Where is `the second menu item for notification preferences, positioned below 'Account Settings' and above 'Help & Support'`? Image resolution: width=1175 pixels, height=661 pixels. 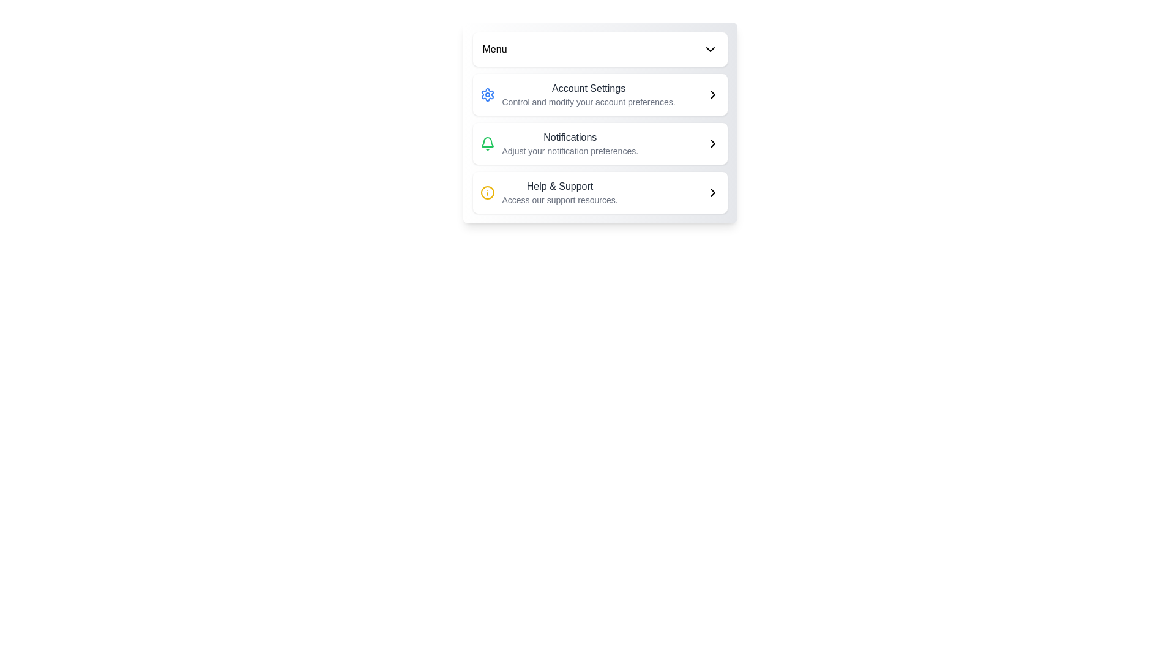 the second menu item for notification preferences, positioned below 'Account Settings' and above 'Help & Support' is located at coordinates (558, 143).